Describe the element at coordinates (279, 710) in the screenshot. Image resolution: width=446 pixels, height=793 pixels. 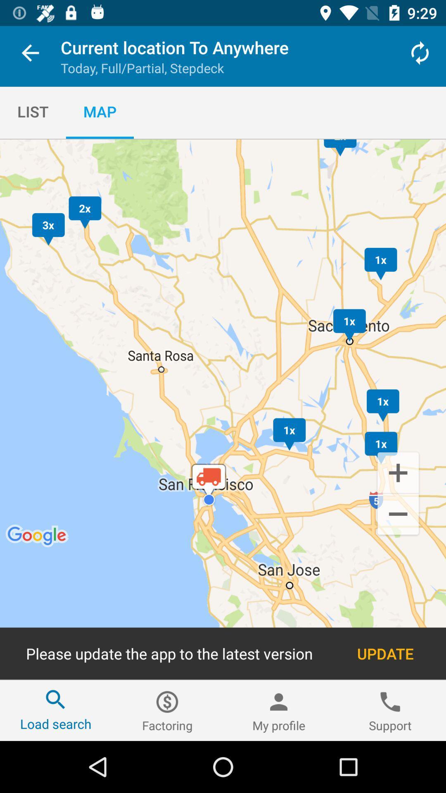
I see `the my profile` at that location.